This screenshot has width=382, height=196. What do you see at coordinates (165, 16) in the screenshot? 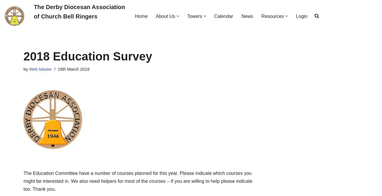
I see `'About Us'` at bounding box center [165, 16].